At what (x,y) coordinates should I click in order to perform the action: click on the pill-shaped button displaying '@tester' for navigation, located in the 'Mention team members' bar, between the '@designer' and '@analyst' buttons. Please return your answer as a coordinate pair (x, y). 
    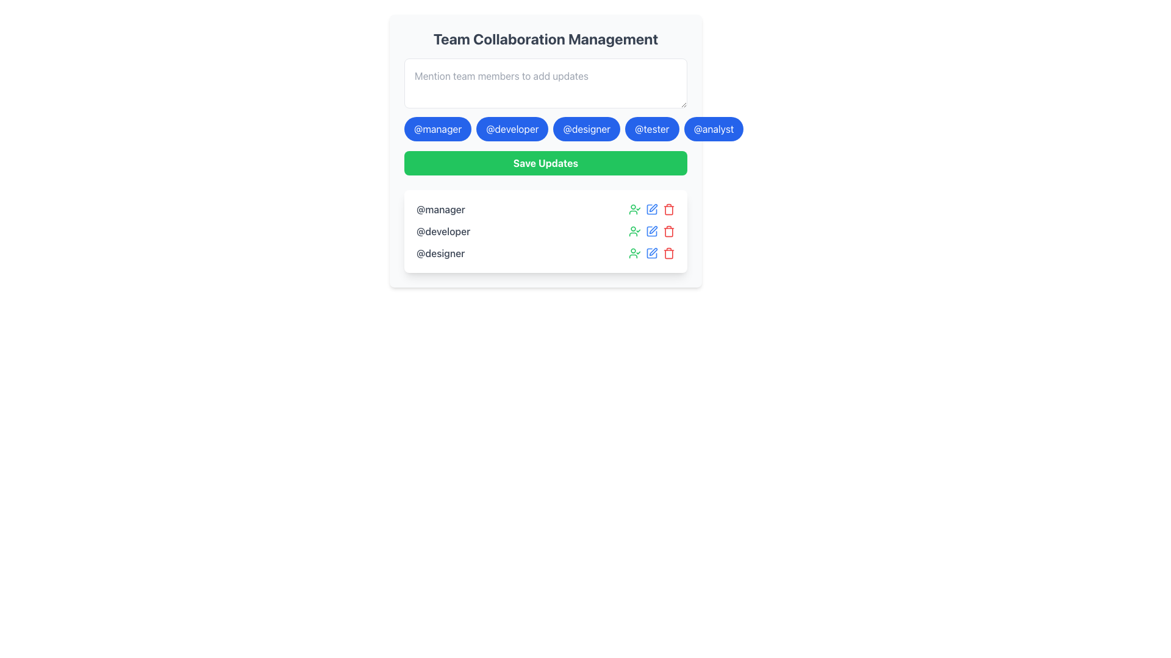
    Looking at the image, I should click on (651, 129).